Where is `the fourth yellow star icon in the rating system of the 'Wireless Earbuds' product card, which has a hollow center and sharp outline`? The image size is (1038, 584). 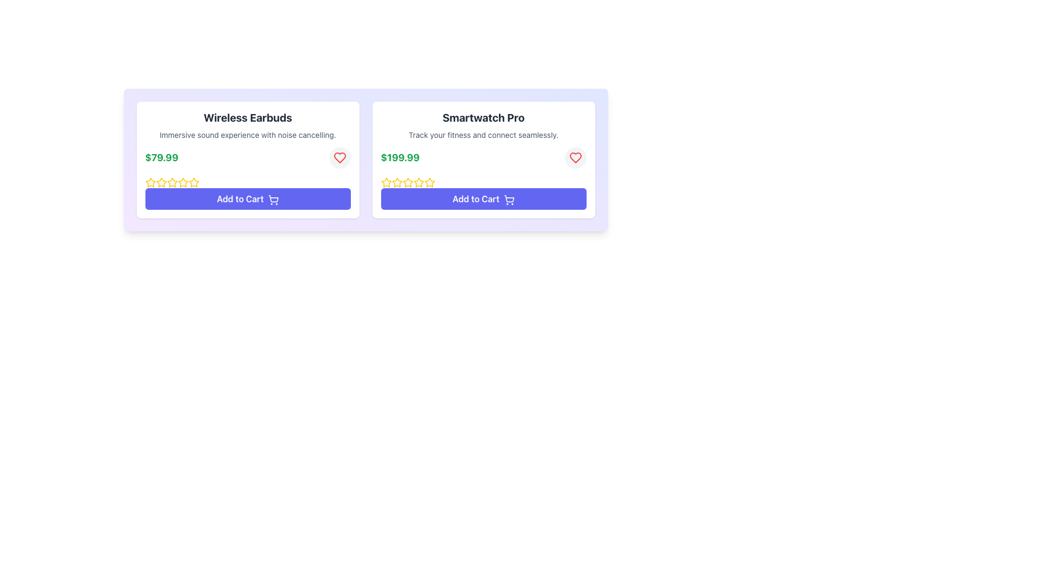
the fourth yellow star icon in the rating system of the 'Wireless Earbuds' product card, which has a hollow center and sharp outline is located at coordinates (183, 182).